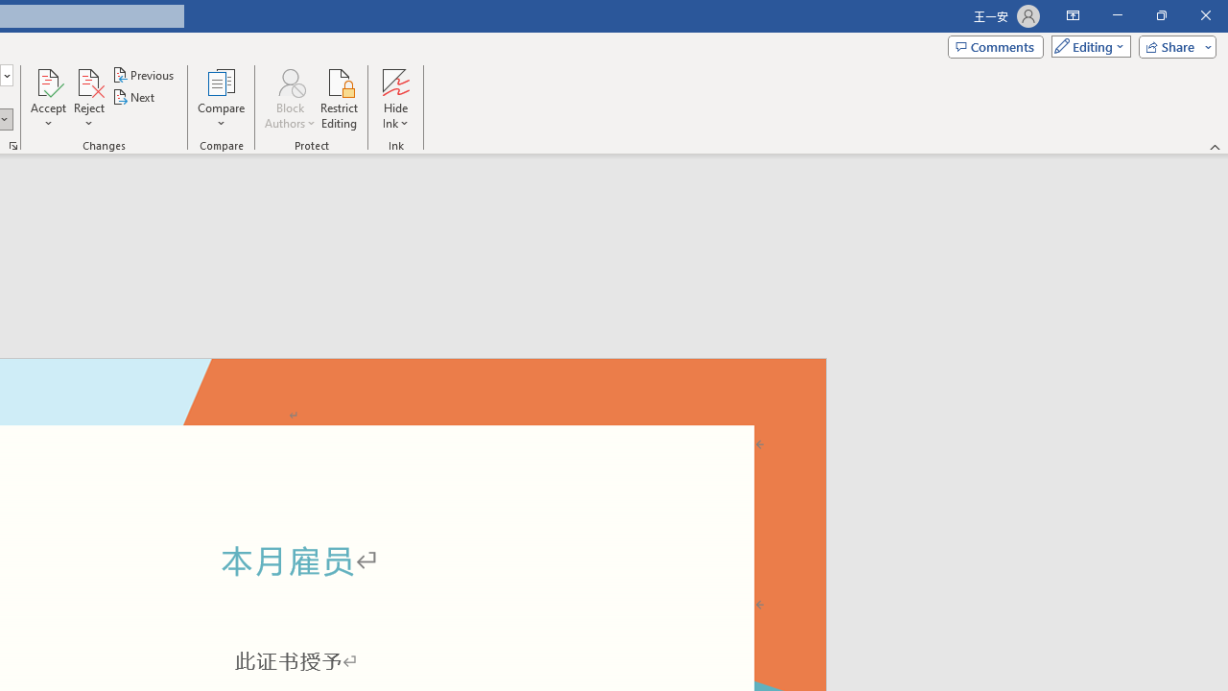 This screenshot has height=691, width=1228. I want to click on 'Collapse the Ribbon', so click(1215, 146).